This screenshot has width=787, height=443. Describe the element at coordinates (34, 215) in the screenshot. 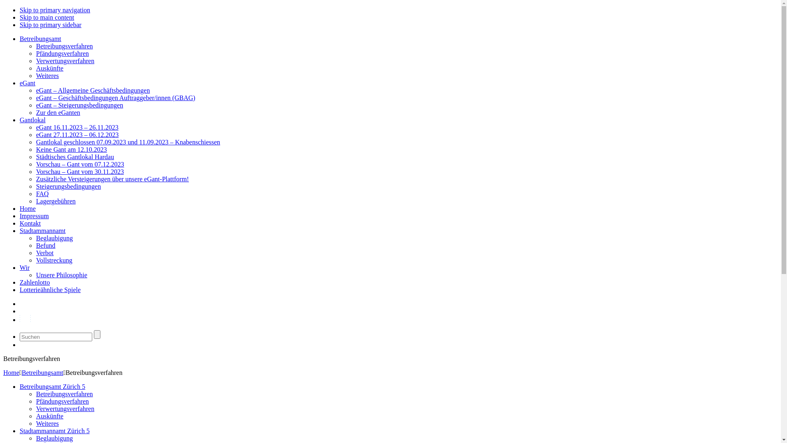

I see `'Impressum'` at that location.